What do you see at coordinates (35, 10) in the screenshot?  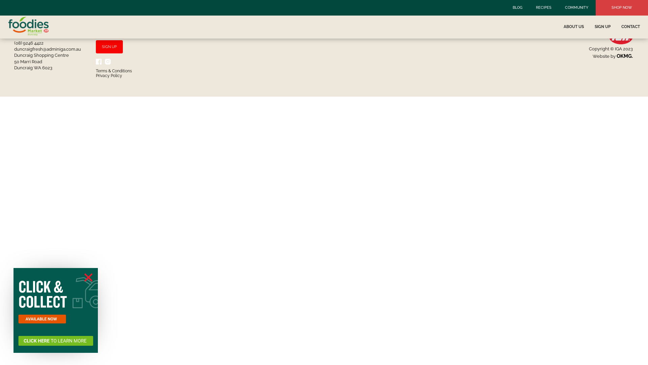 I see `'Events Manager'` at bounding box center [35, 10].